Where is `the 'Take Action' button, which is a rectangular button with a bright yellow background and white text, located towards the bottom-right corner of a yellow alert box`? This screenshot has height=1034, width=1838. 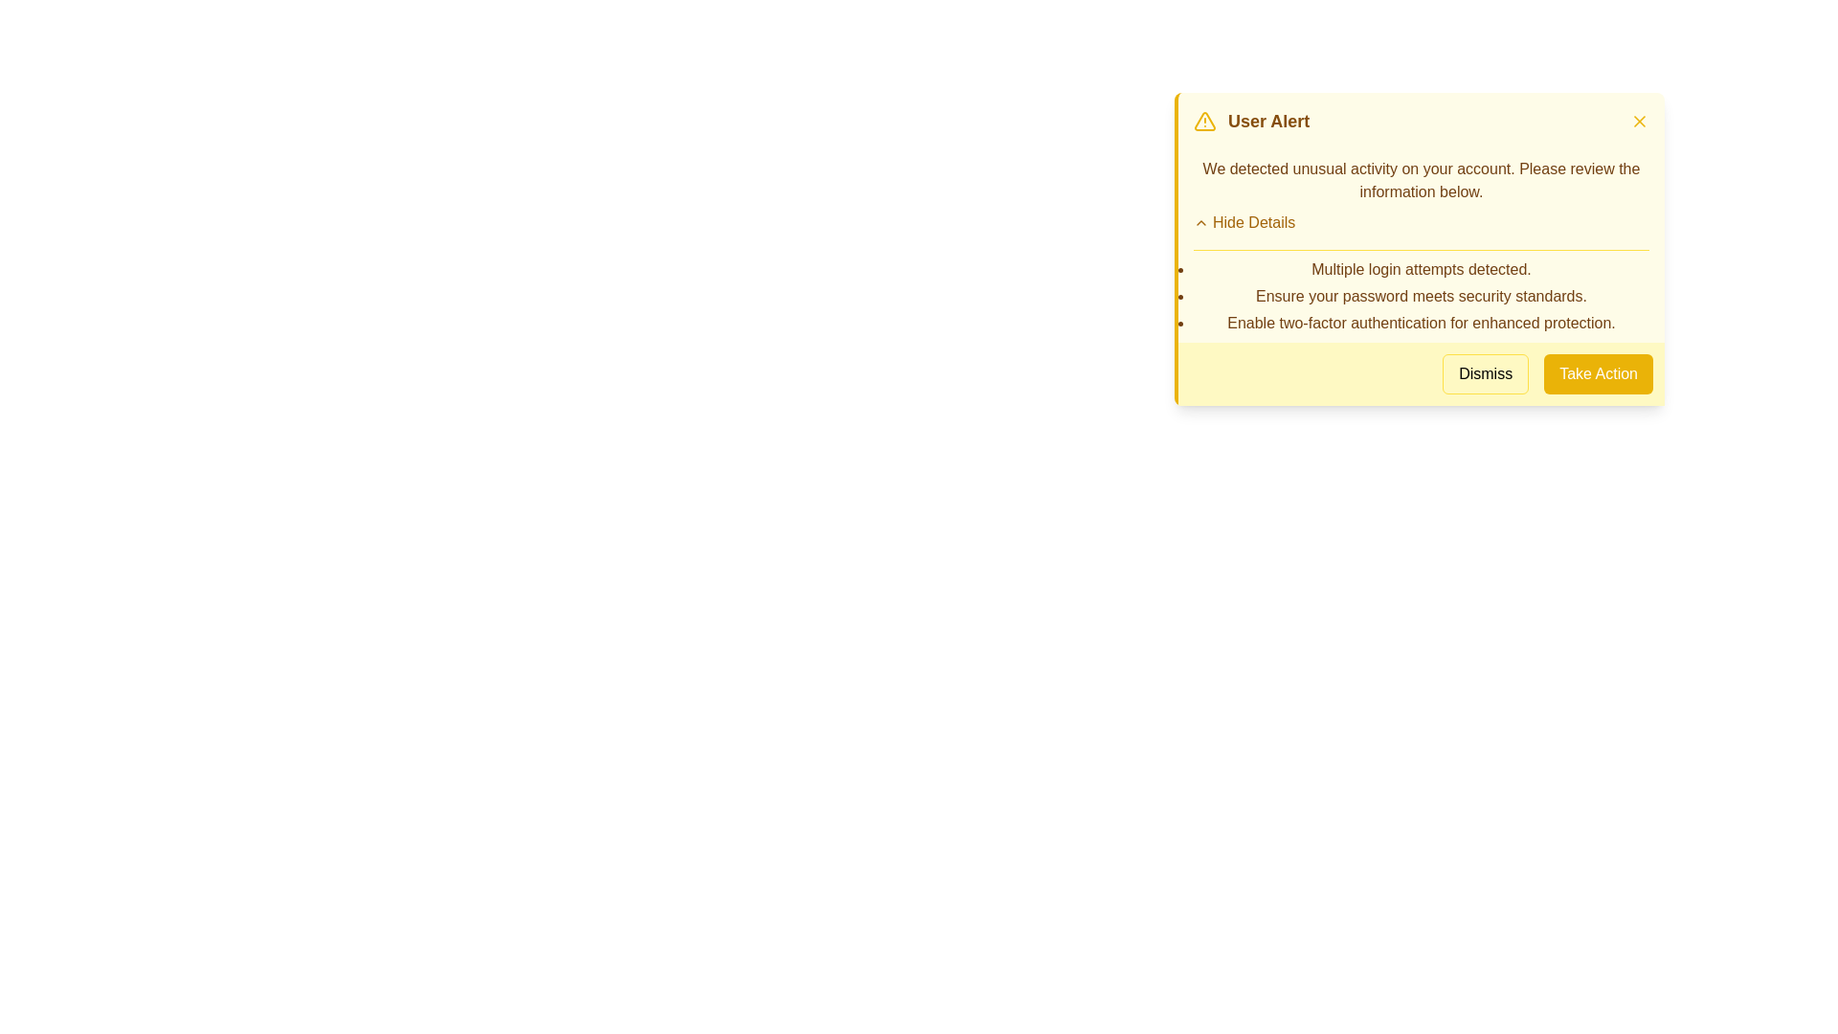
the 'Take Action' button, which is a rectangular button with a bright yellow background and white text, located towards the bottom-right corner of a yellow alert box is located at coordinates (1599, 373).